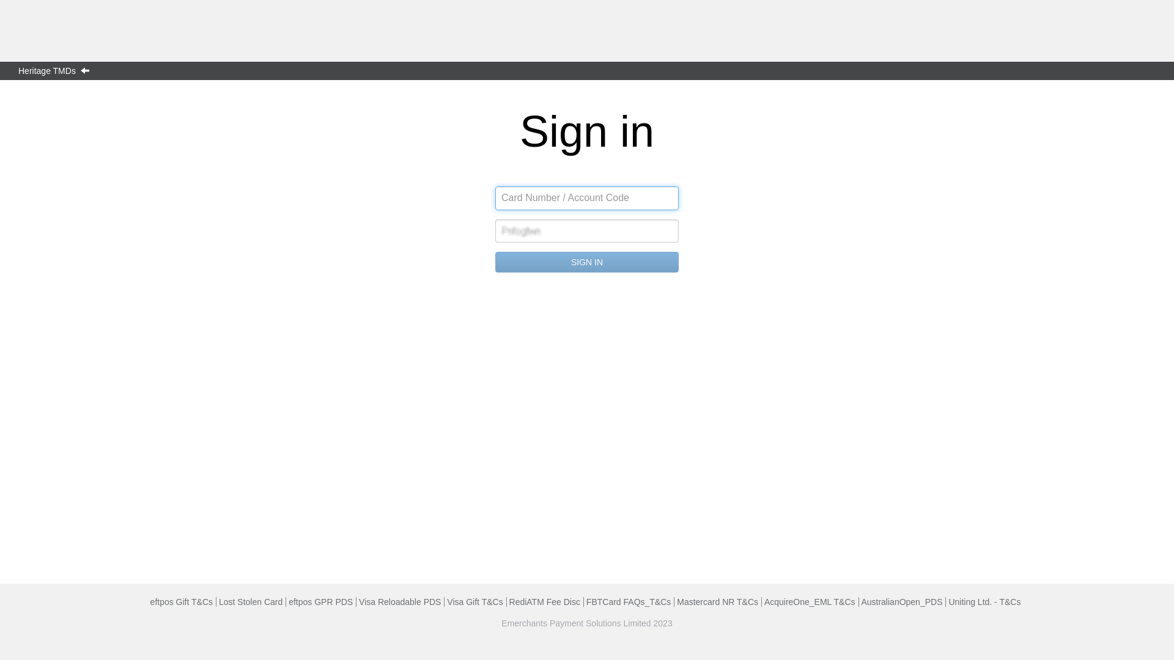  Describe the element at coordinates (181, 601) in the screenshot. I see `'eftpos Gift T&Cs'` at that location.